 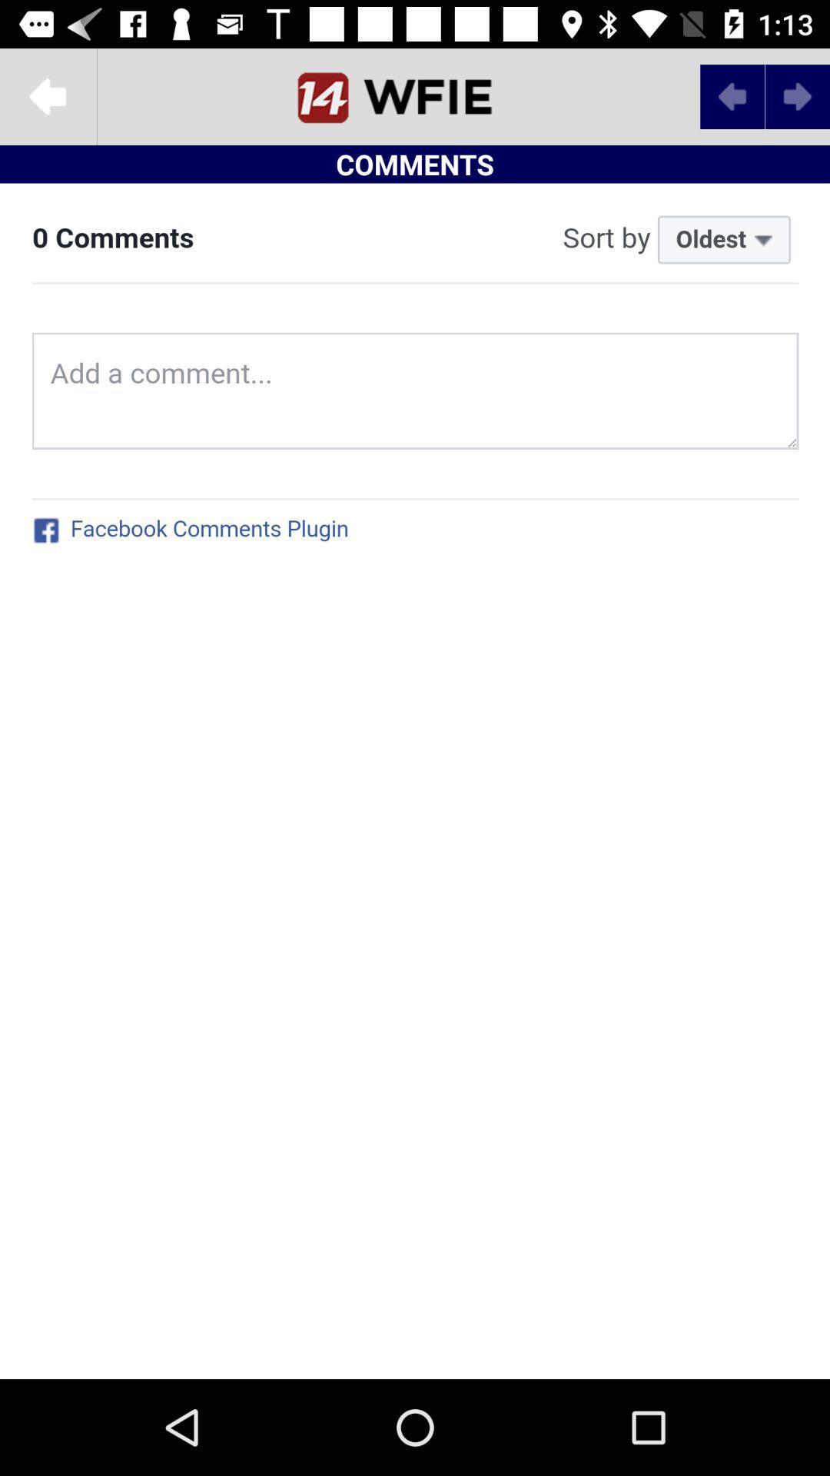 I want to click on previous, so click(x=732, y=95).